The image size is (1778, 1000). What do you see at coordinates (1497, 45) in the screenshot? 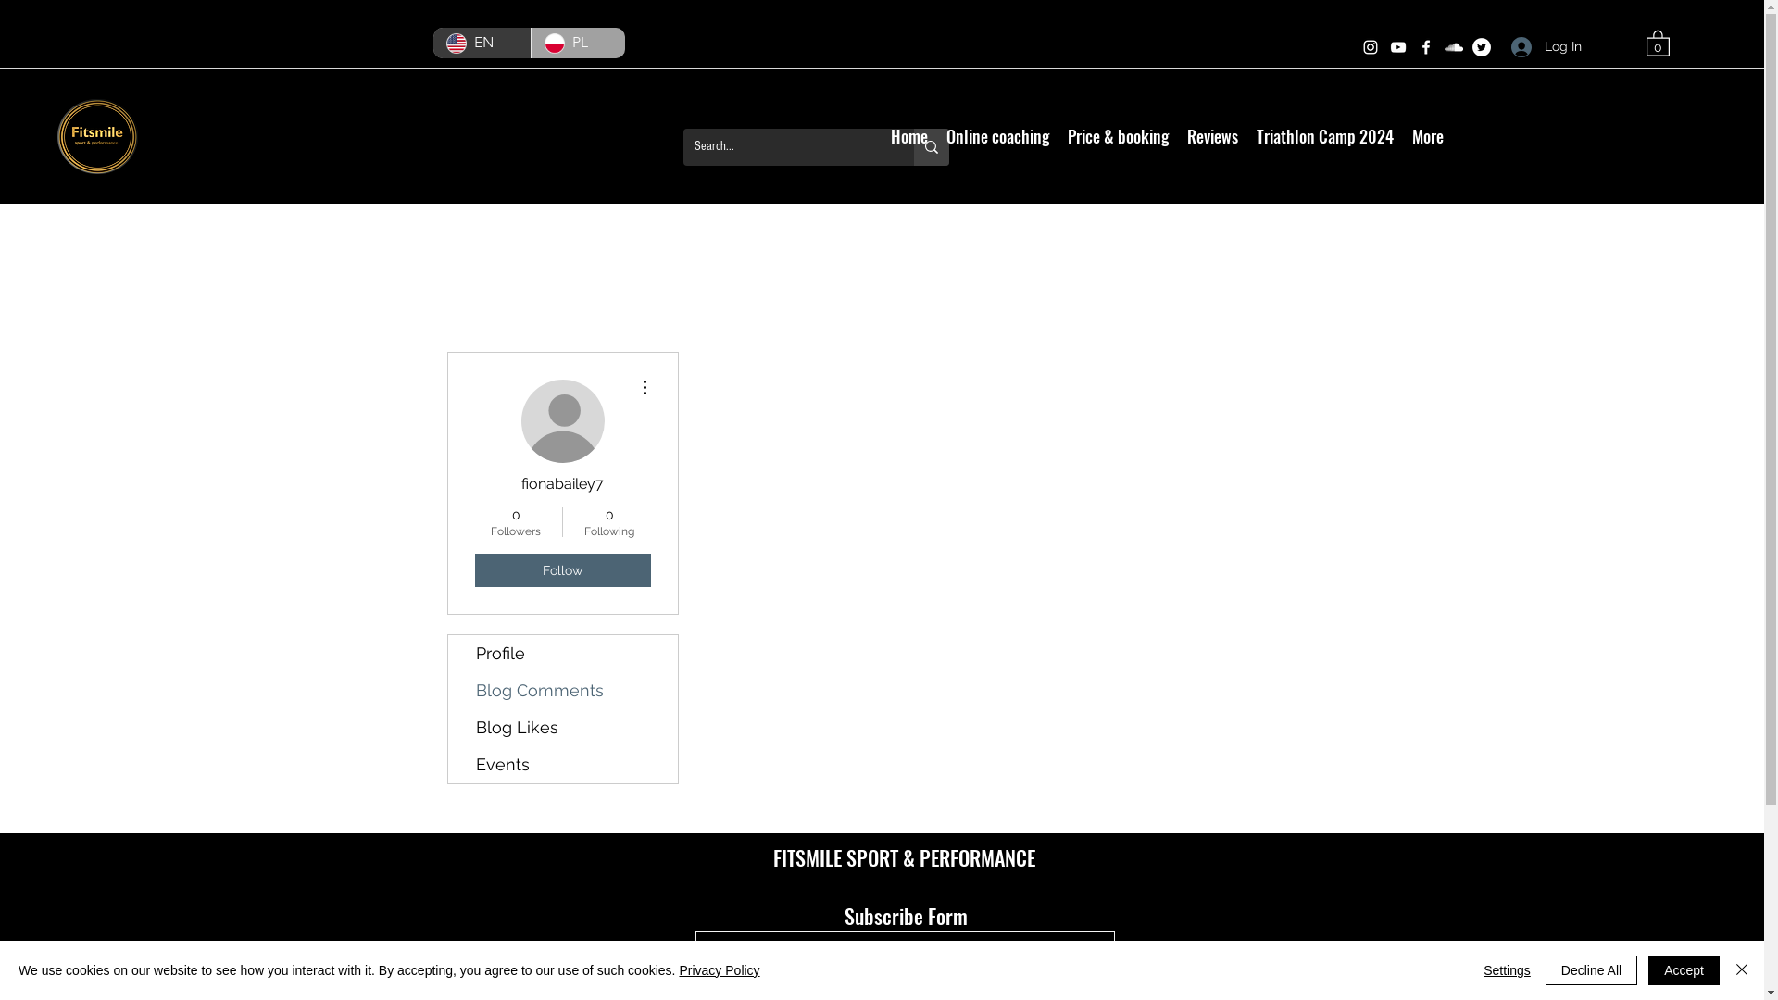
I see `'Log In'` at bounding box center [1497, 45].